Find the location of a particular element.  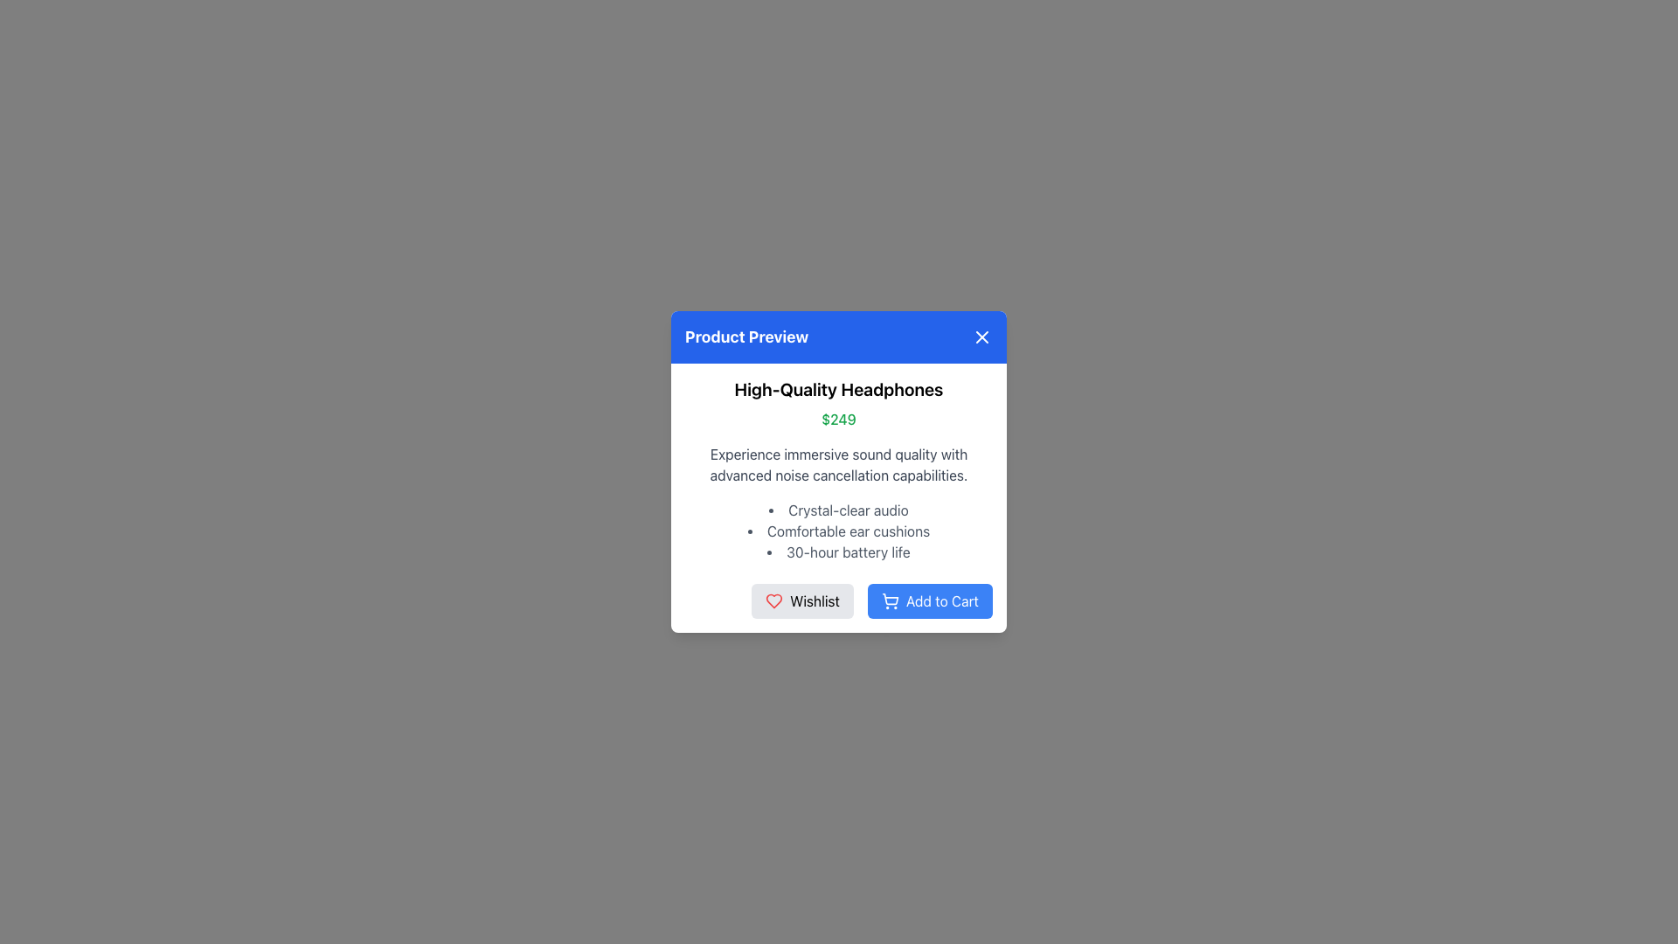

the prominent price display element showing '$249', which is located below the product title 'High-Quality Headphones' is located at coordinates (839, 419).